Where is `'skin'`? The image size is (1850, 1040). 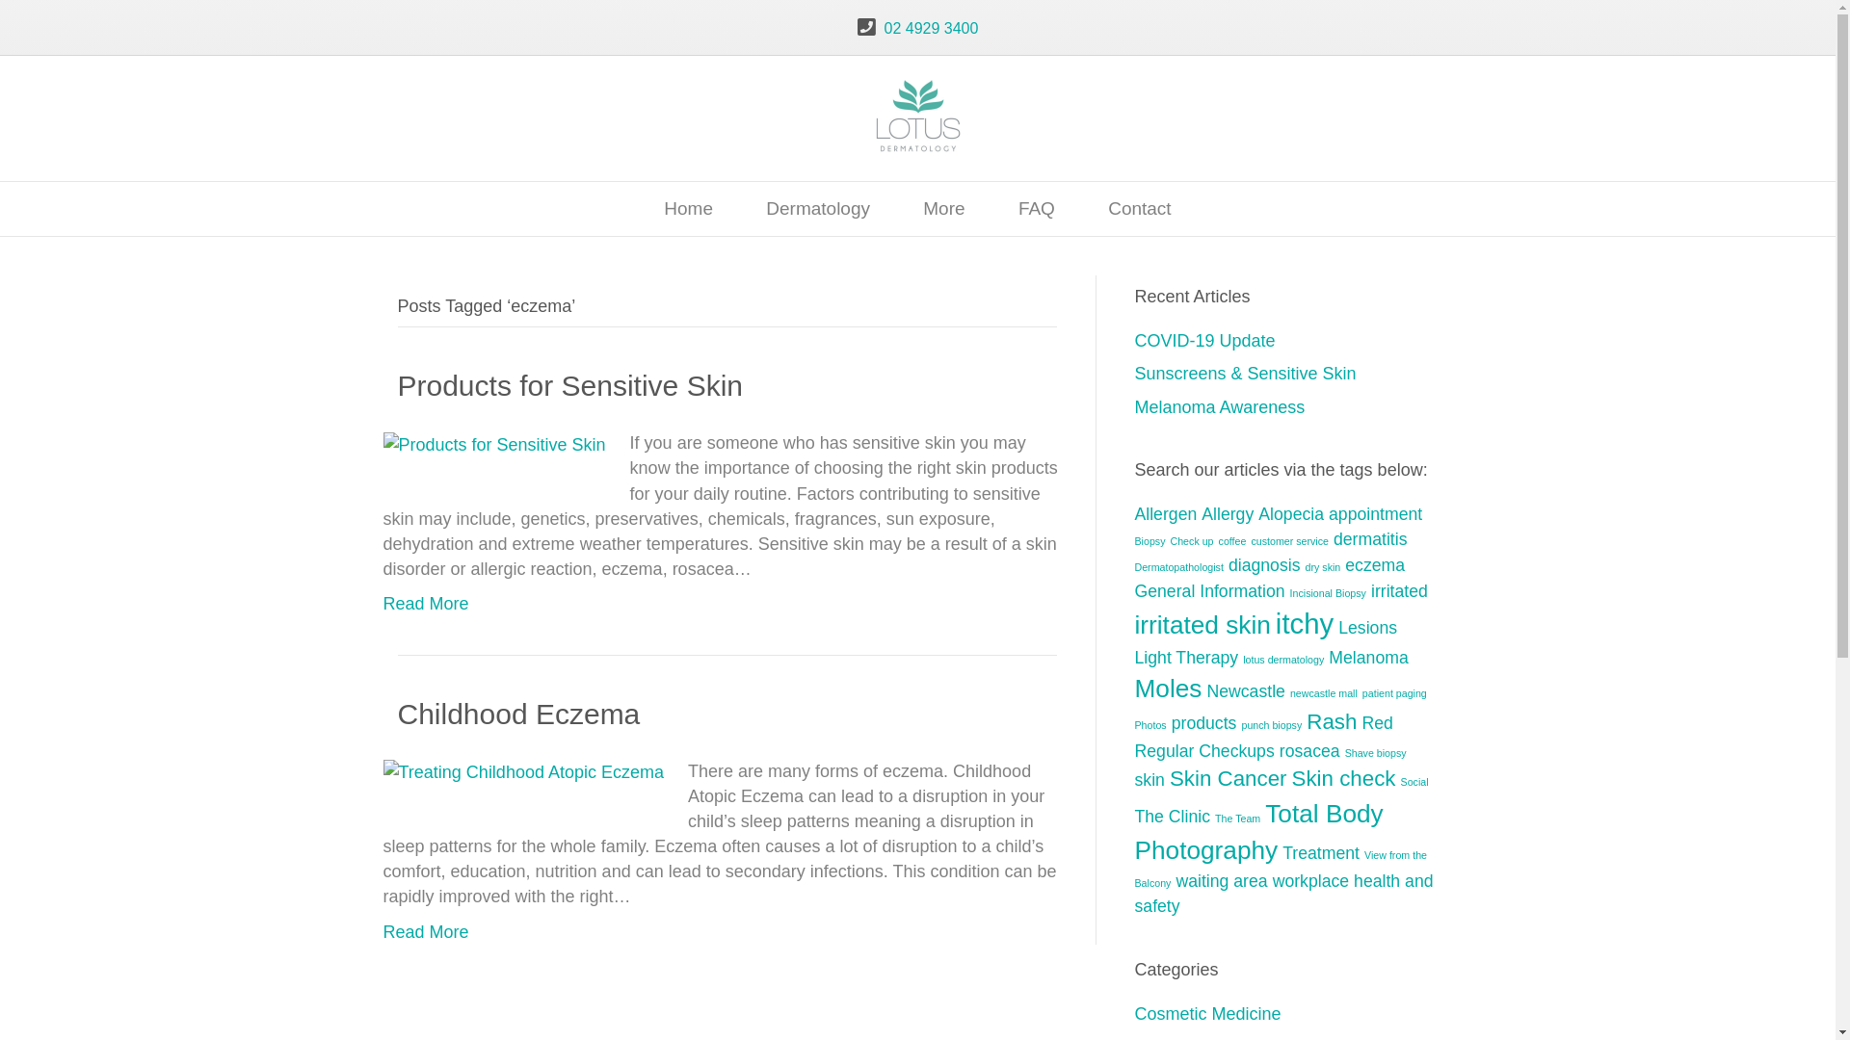 'skin' is located at coordinates (1150, 780).